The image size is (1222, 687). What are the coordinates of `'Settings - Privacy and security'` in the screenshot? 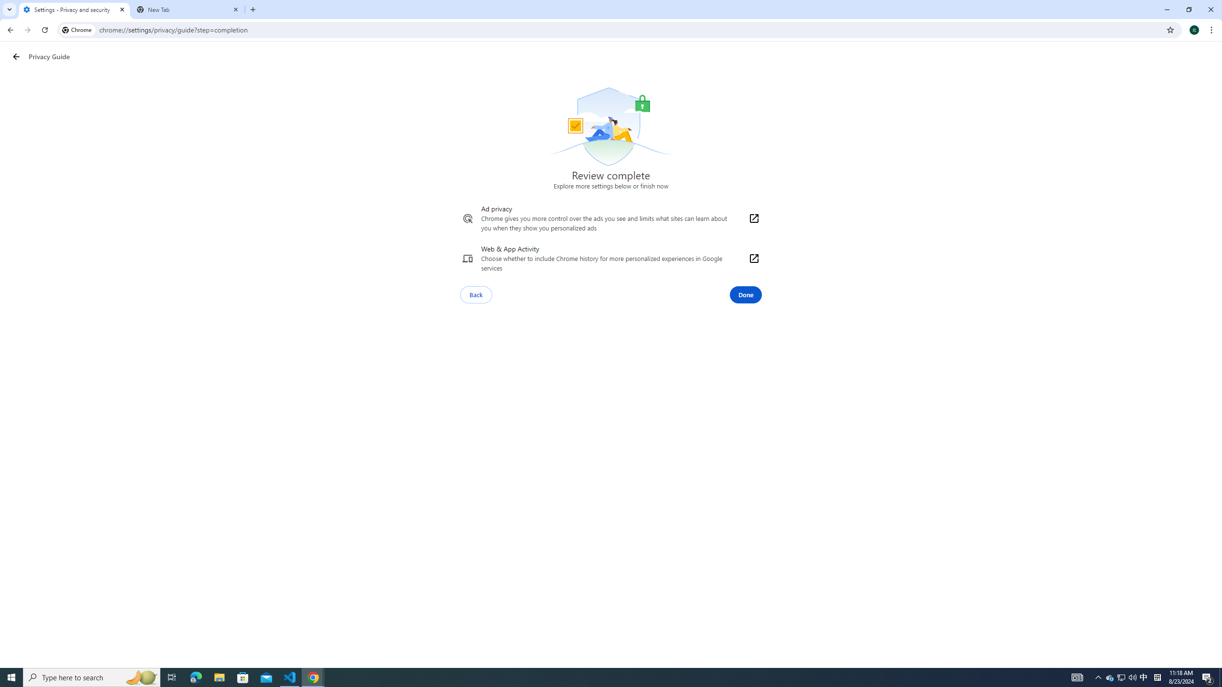 It's located at (74, 9).